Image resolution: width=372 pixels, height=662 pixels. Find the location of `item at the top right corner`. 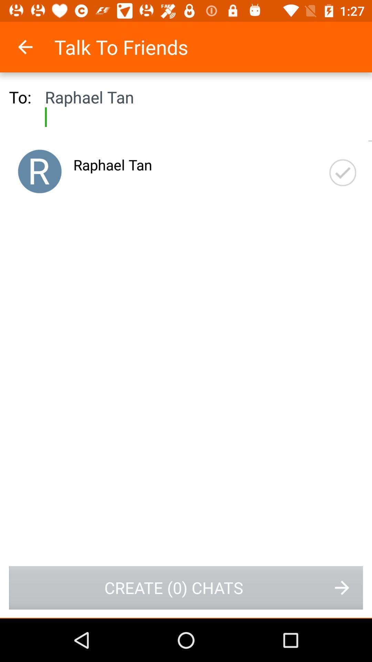

item at the top right corner is located at coordinates (343, 173).